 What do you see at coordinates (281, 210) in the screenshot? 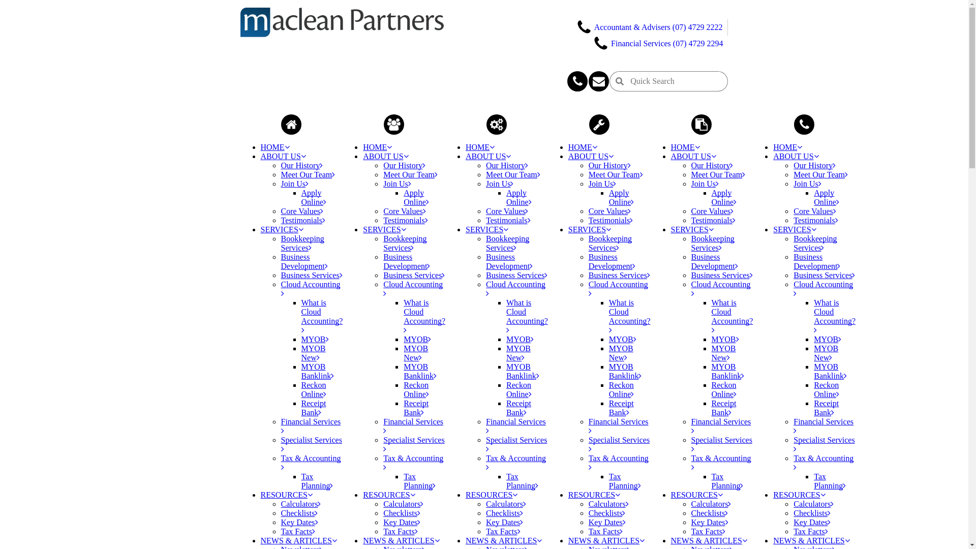
I see `'Core Values'` at bounding box center [281, 210].